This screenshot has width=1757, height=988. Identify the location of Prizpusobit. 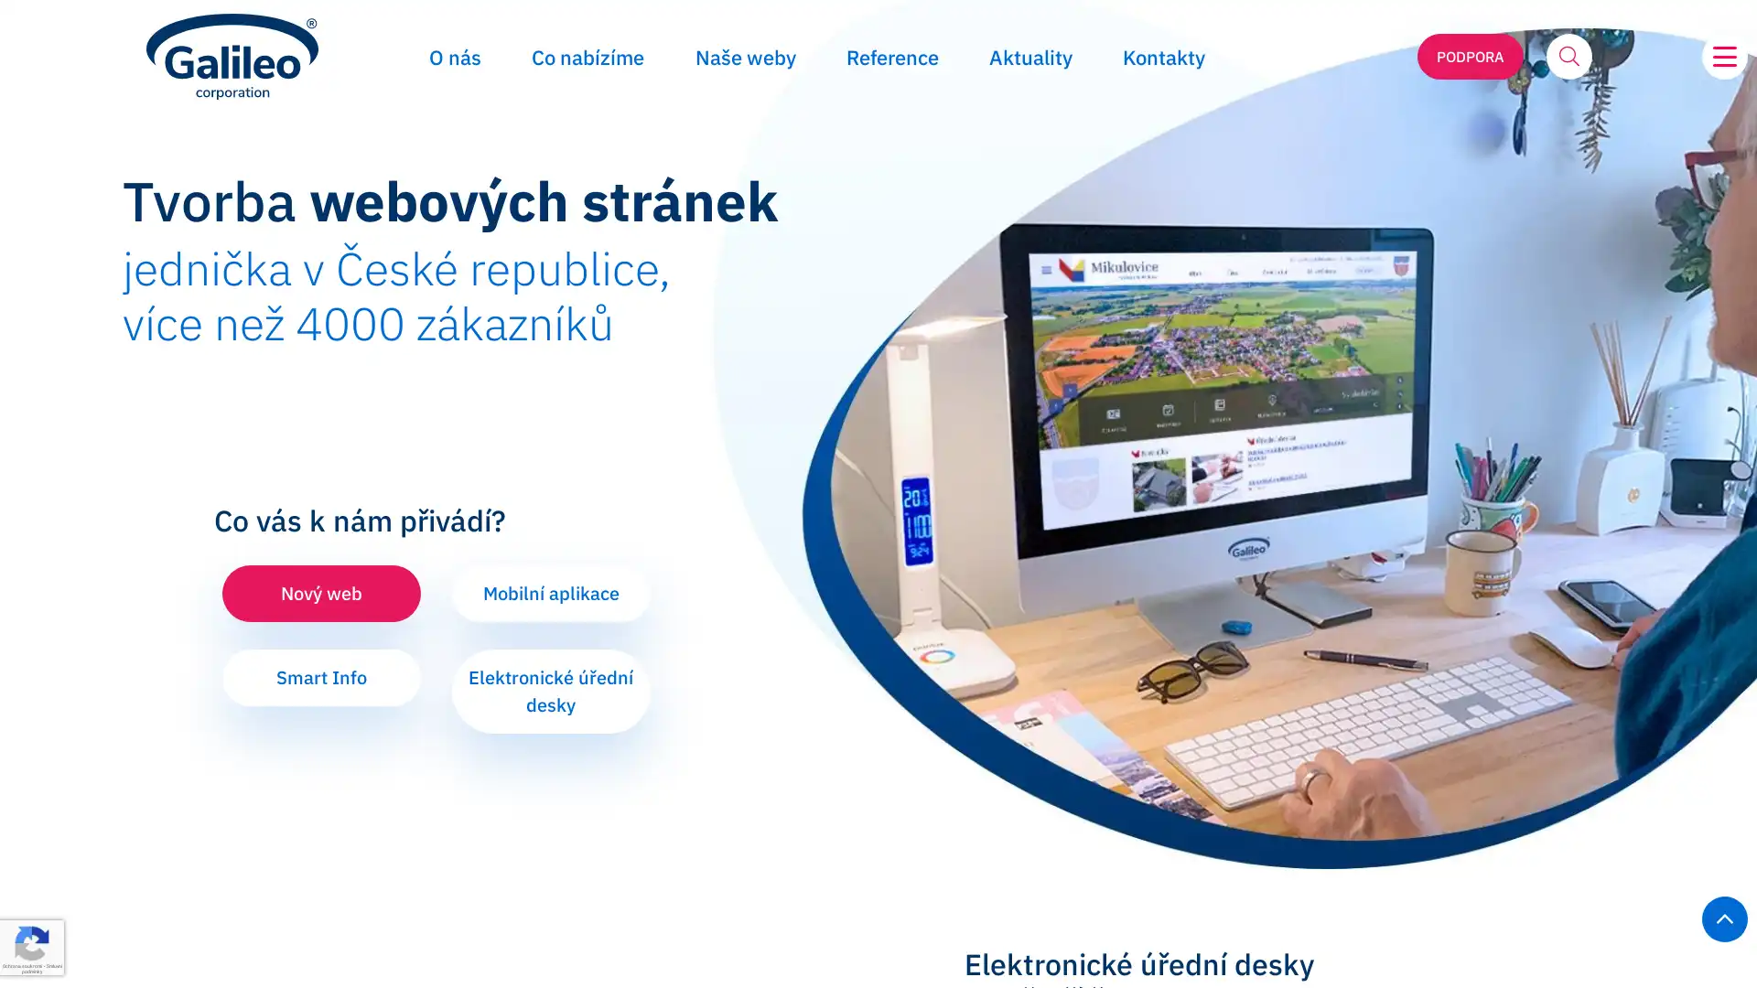
(1396, 911).